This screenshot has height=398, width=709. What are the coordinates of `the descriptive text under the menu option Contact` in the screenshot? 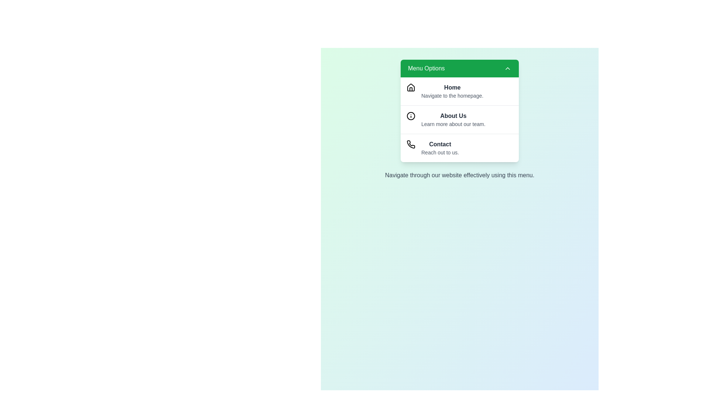 It's located at (440, 152).